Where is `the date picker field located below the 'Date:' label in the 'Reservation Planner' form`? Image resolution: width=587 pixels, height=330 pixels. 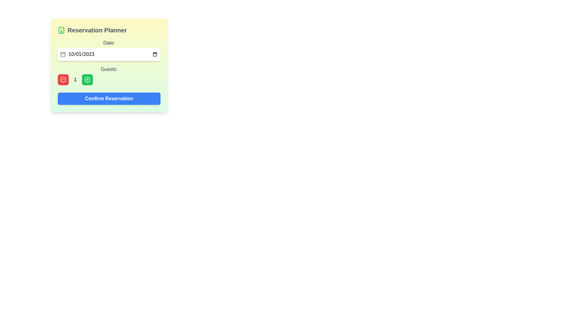
the date picker field located below the 'Date:' label in the 'Reservation Planner' form is located at coordinates (109, 54).